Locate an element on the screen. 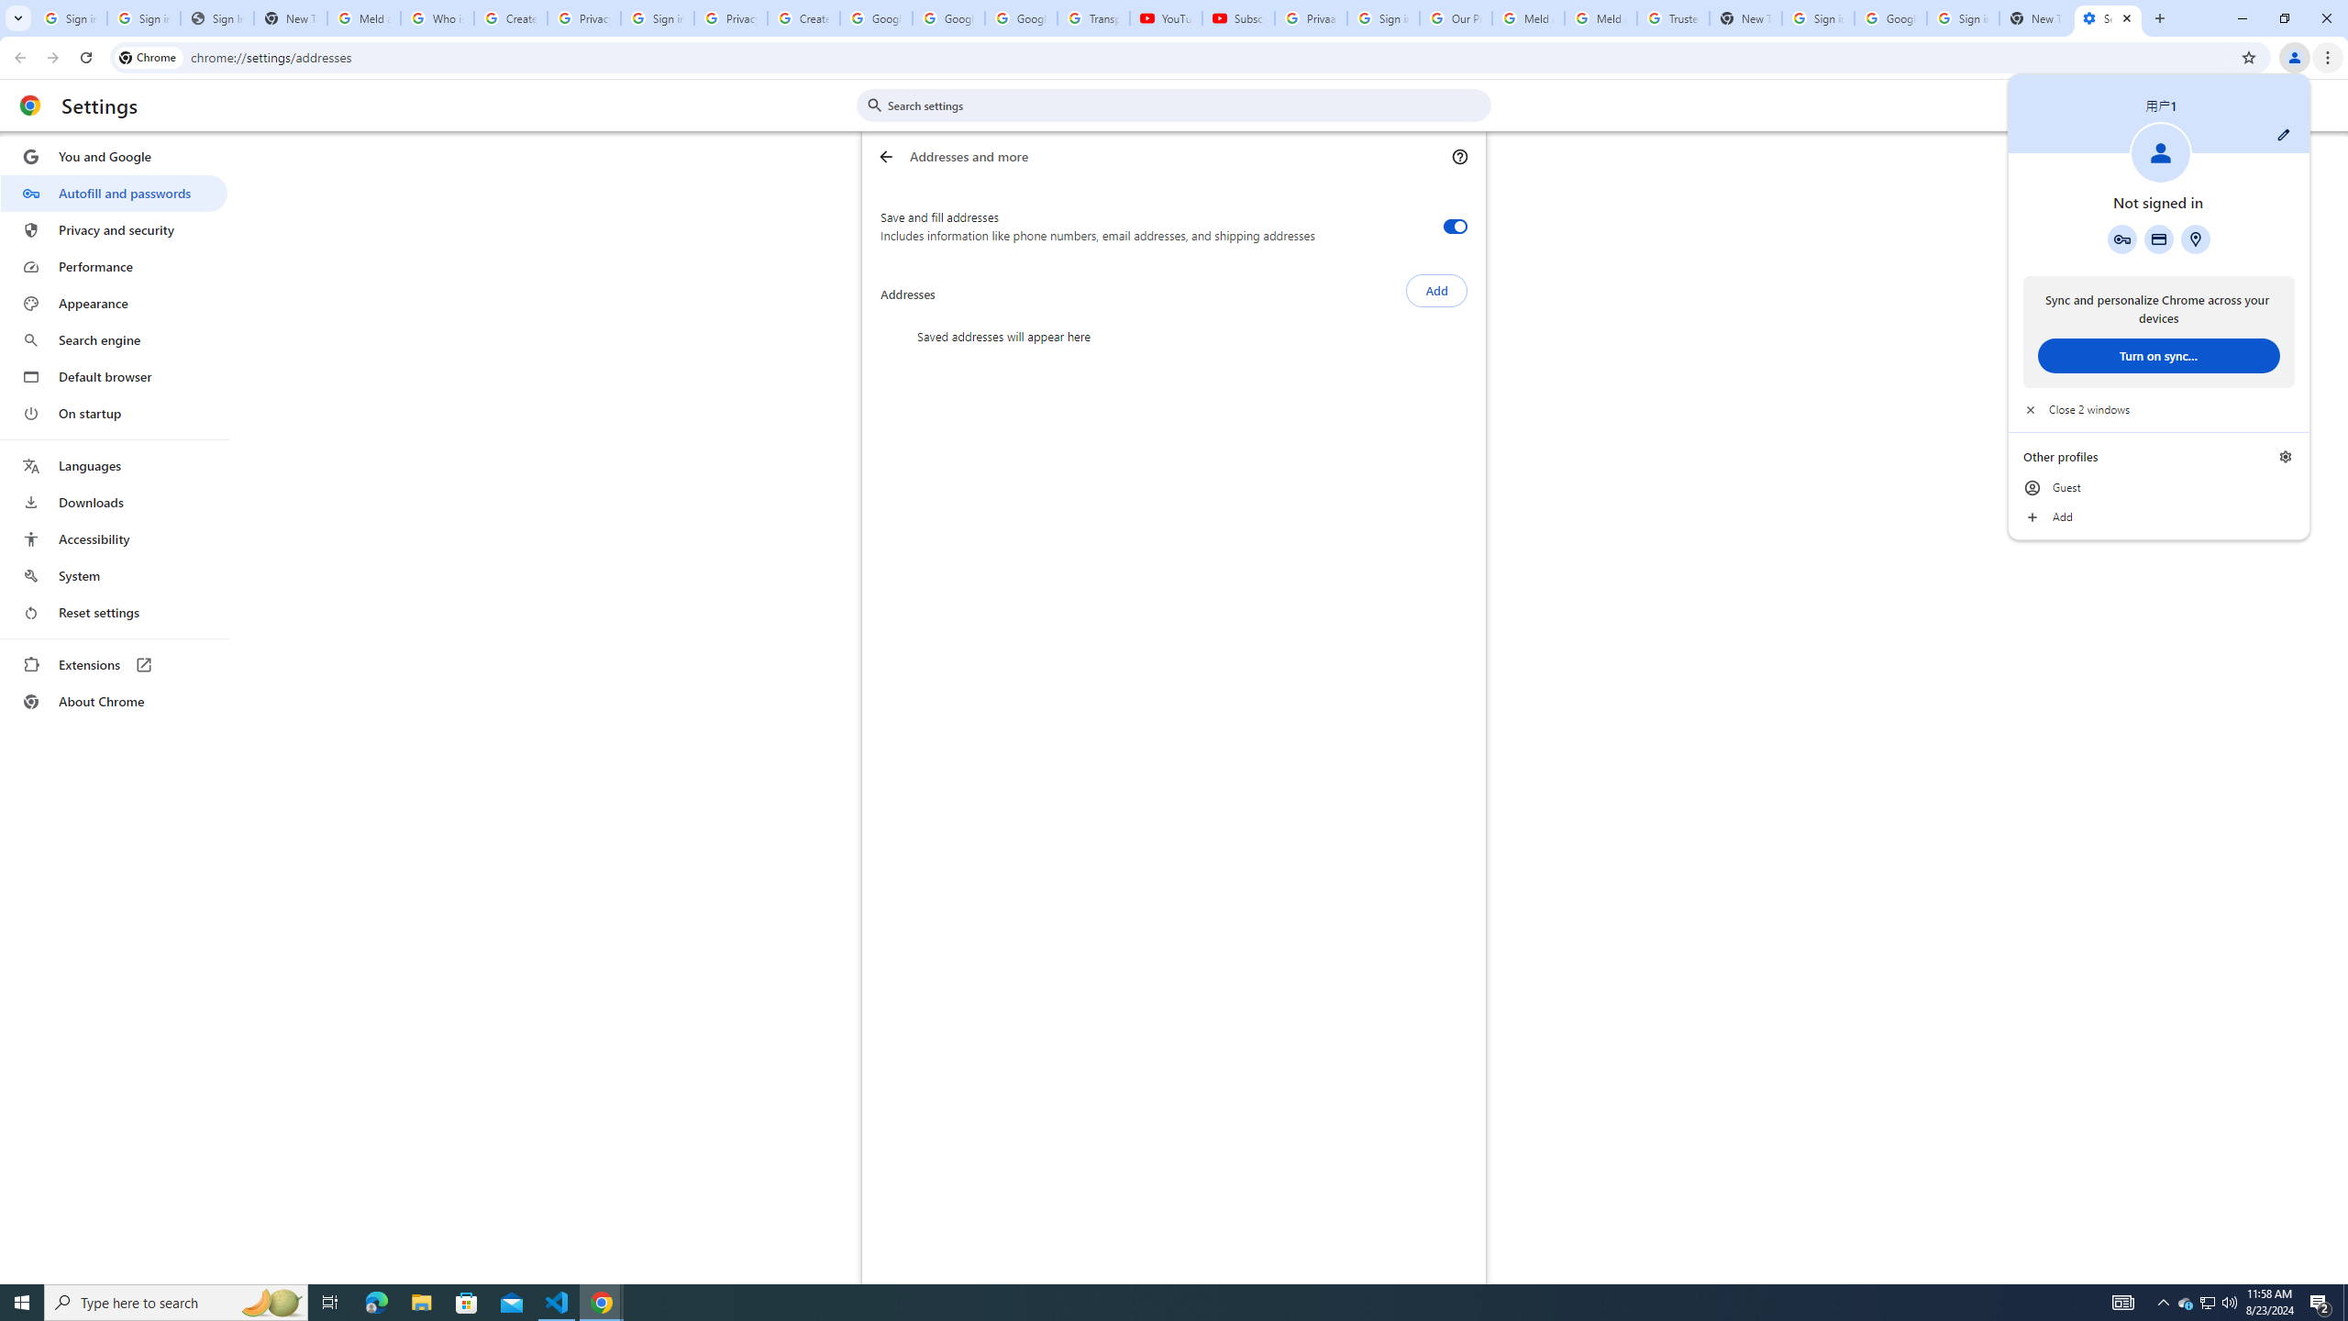 The width and height of the screenshot is (2348, 1321). 'Task View' is located at coordinates (328, 1301).